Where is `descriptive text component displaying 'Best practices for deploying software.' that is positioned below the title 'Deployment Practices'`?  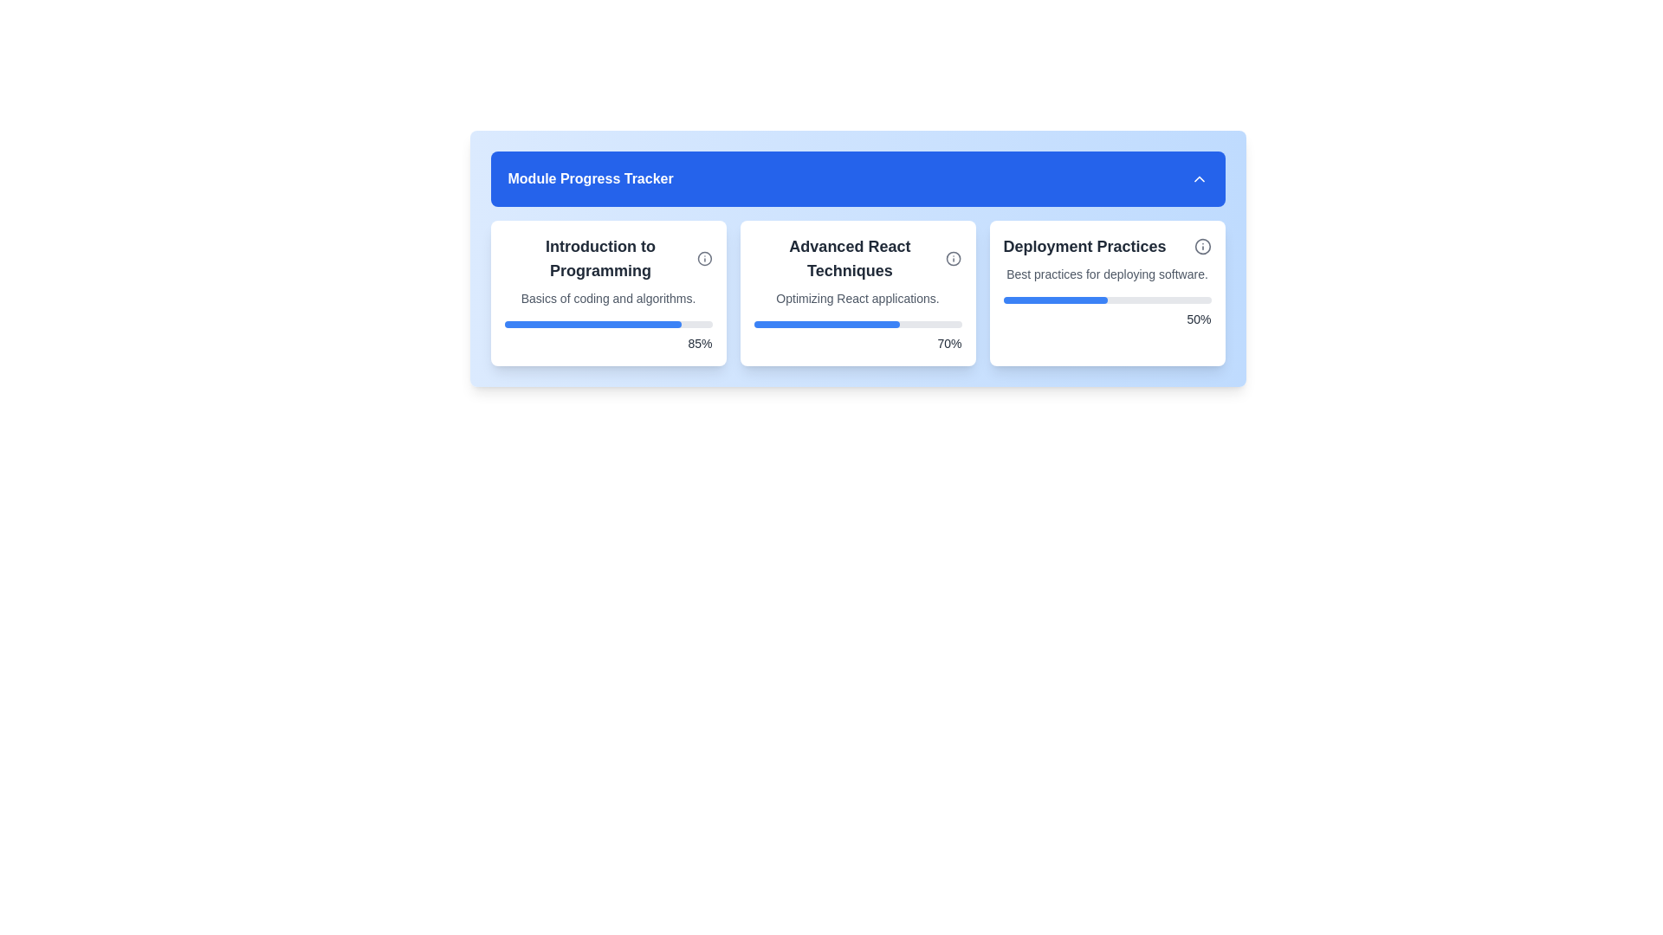 descriptive text component displaying 'Best practices for deploying software.' that is positioned below the title 'Deployment Practices' is located at coordinates (1106, 273).